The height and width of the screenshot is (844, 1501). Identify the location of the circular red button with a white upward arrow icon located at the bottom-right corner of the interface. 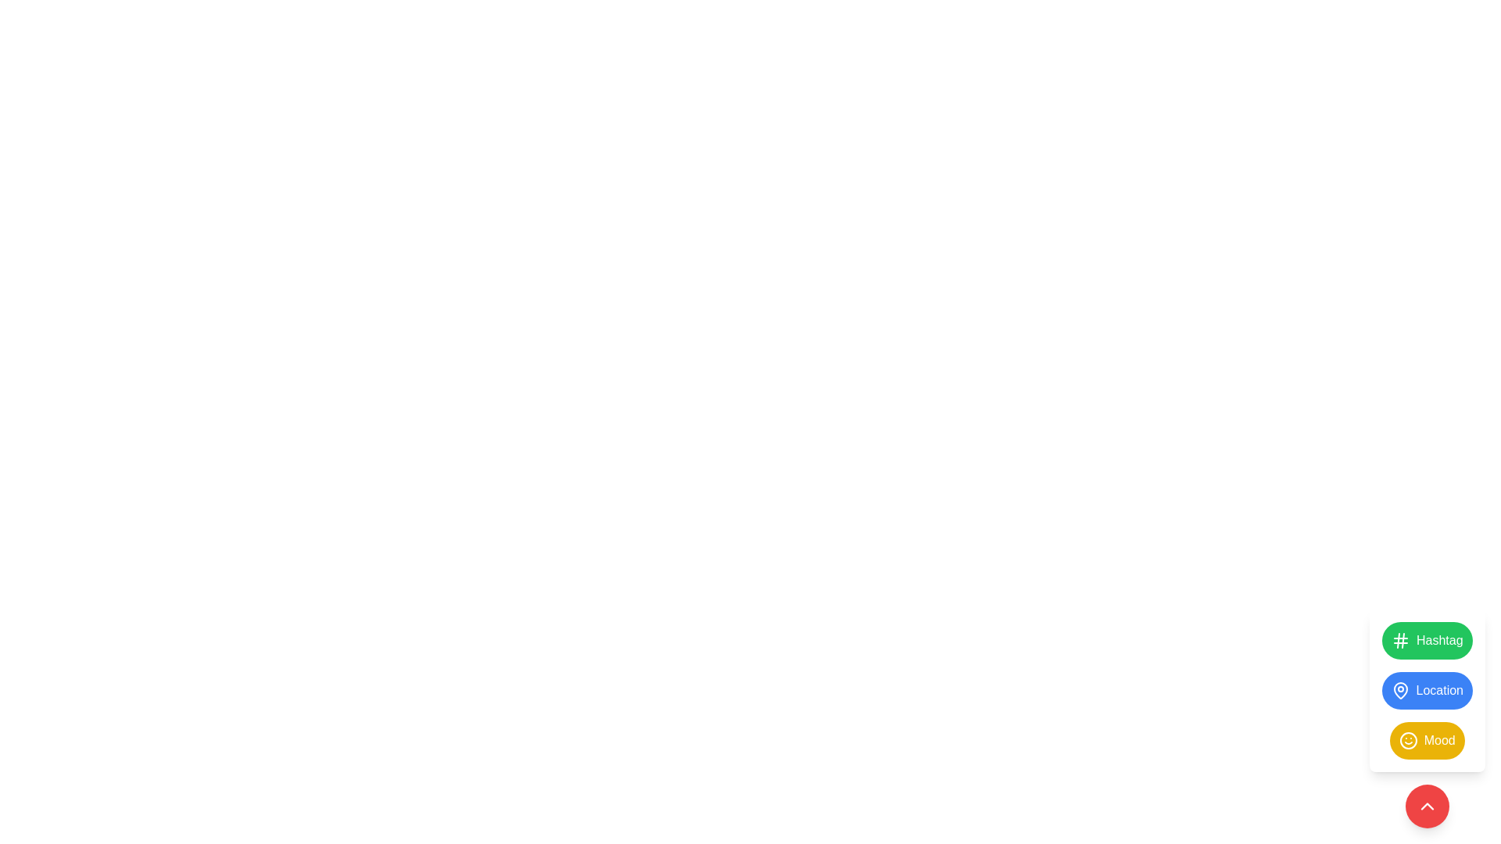
(1427, 806).